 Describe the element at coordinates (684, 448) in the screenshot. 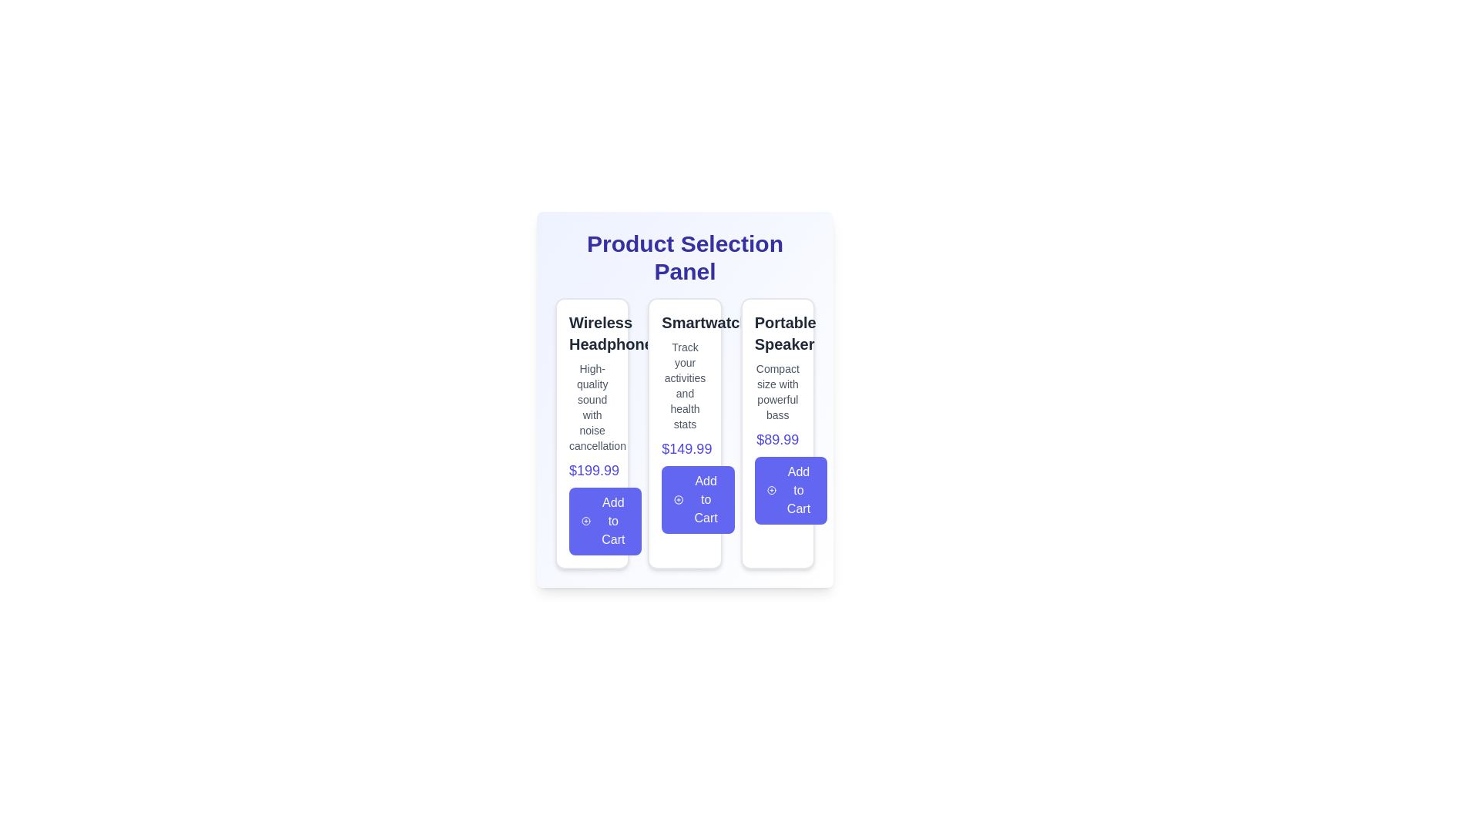

I see `the price text label displaying the price of the 'Smartwatch', located in the second card of the product selection panel` at that location.